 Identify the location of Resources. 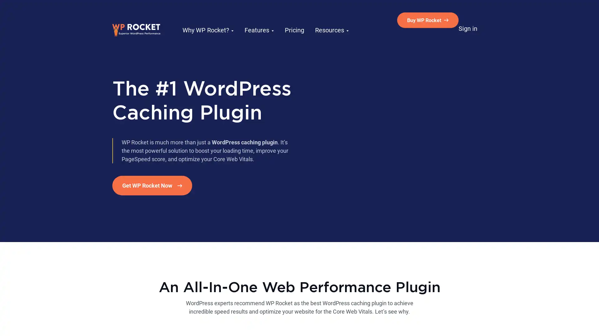
(321, 20).